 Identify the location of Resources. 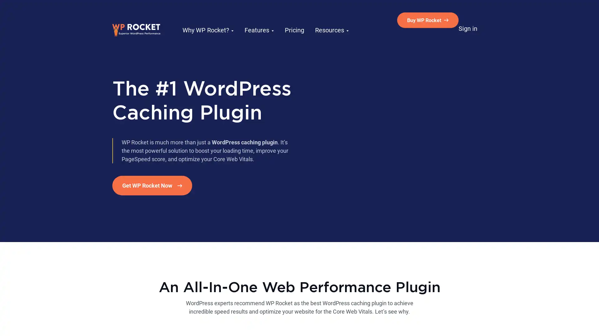
(321, 20).